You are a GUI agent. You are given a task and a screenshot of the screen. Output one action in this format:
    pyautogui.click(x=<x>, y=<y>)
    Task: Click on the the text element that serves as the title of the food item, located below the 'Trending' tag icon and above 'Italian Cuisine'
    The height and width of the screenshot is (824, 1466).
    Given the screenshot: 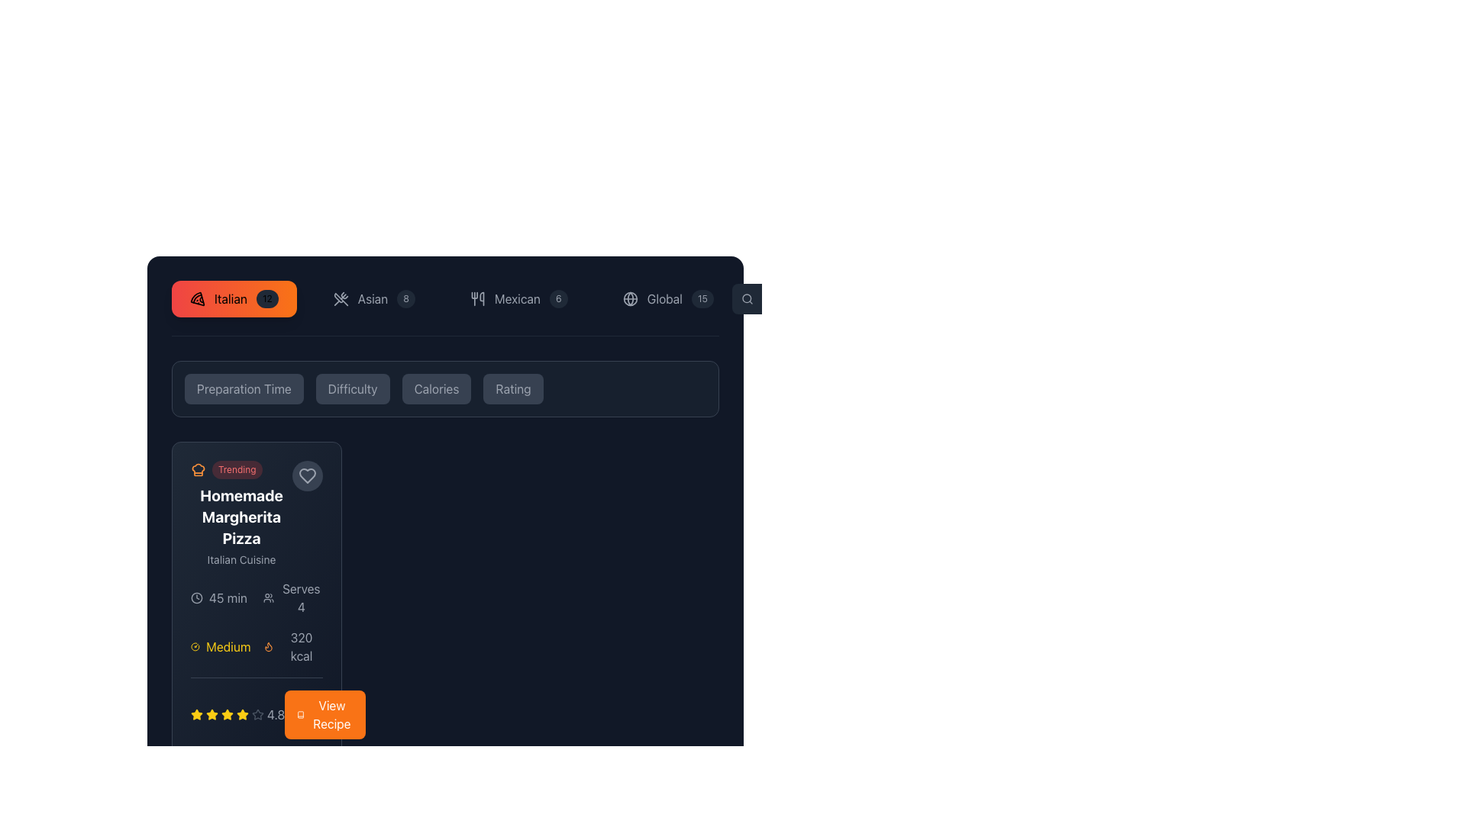 What is the action you would take?
    pyautogui.click(x=241, y=517)
    